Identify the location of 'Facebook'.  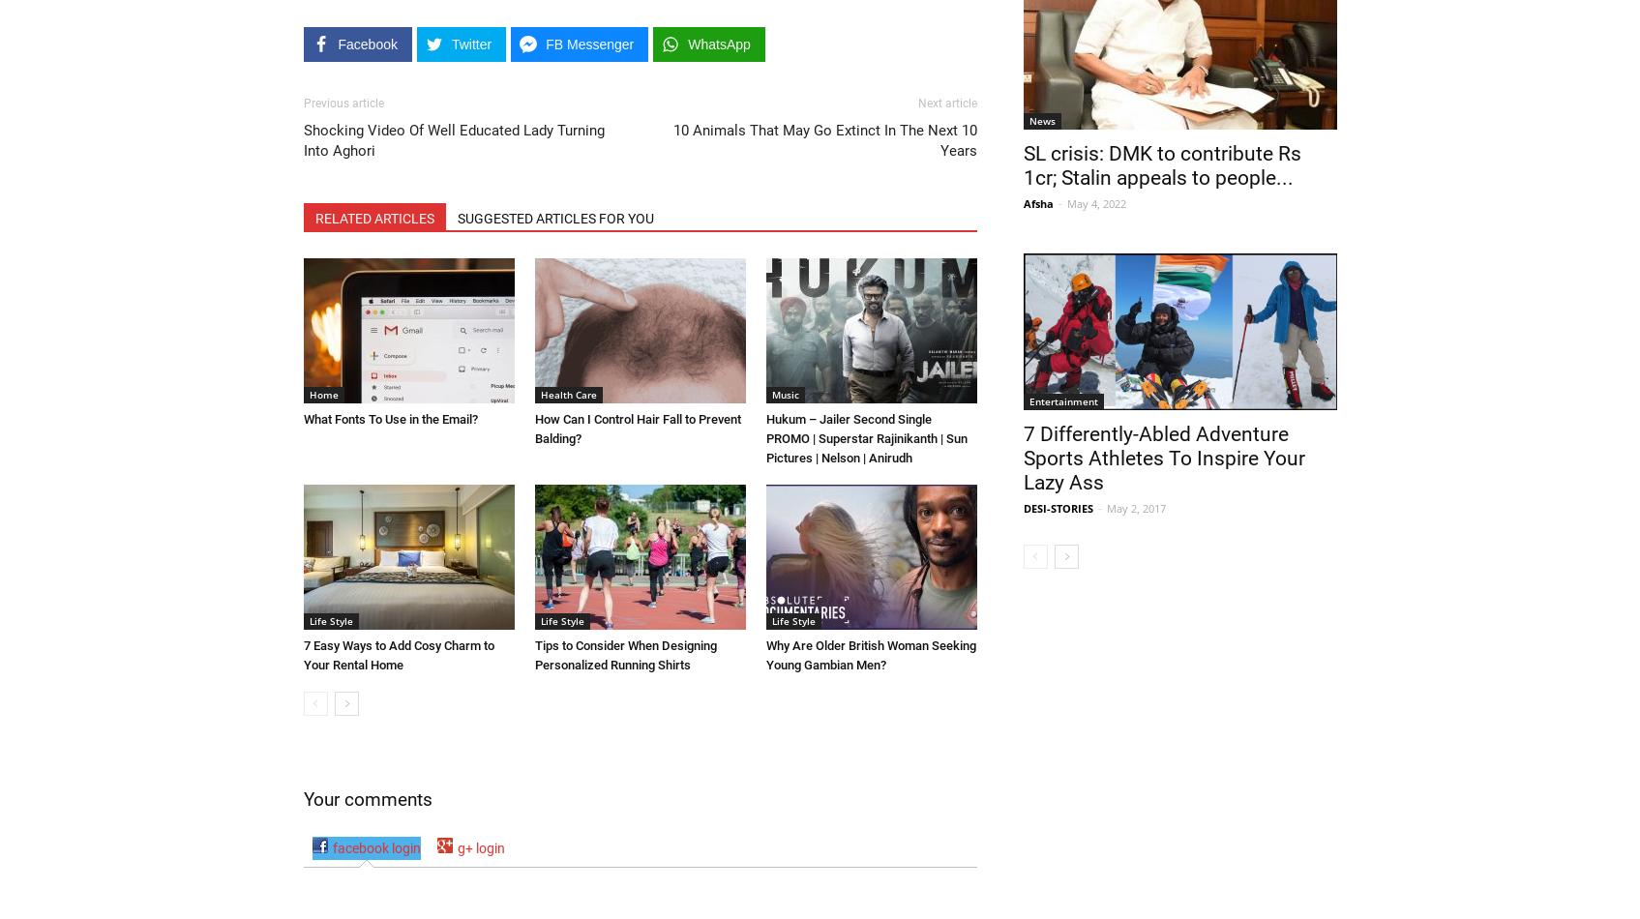
(366, 44).